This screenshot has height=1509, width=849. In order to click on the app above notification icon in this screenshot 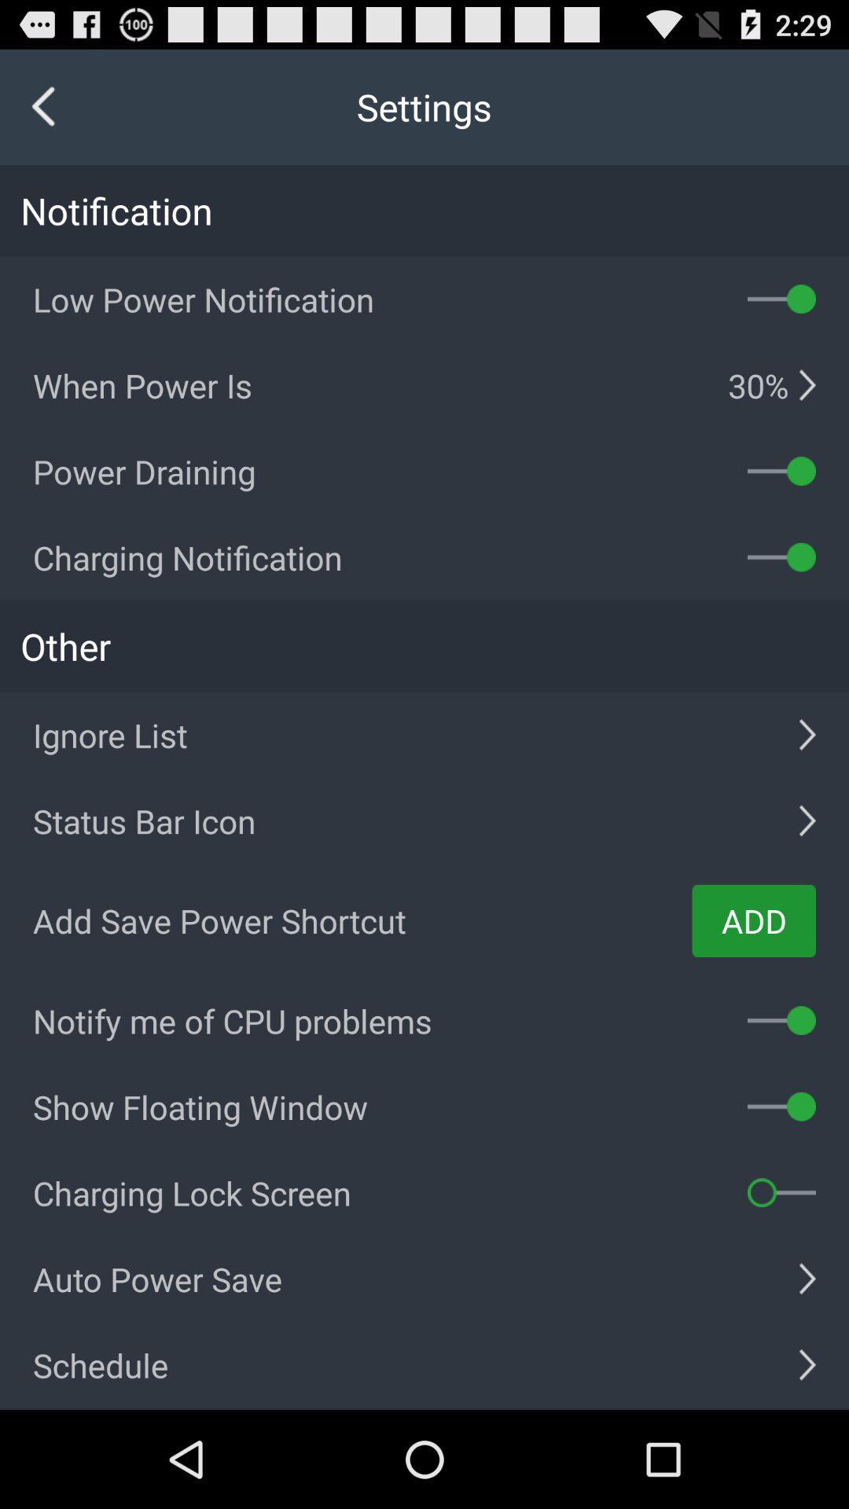, I will do `click(43, 106)`.